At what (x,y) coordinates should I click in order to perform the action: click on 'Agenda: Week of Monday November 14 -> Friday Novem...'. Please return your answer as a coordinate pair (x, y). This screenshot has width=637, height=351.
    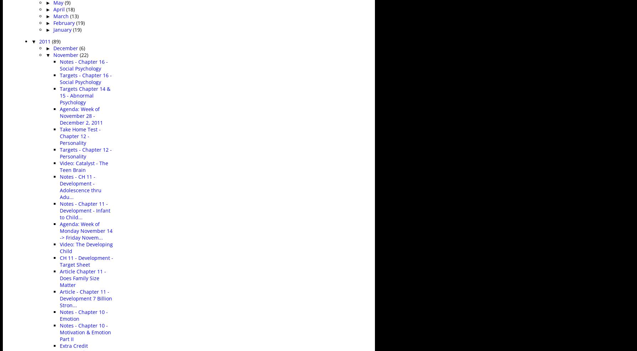
    Looking at the image, I should click on (59, 230).